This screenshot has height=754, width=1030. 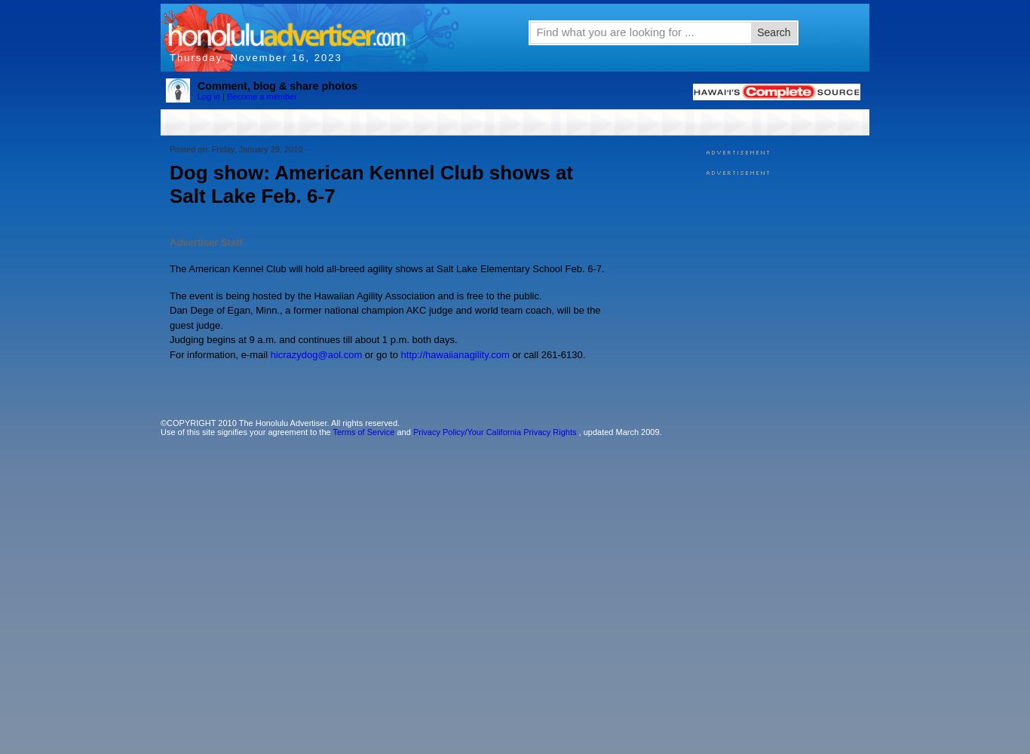 What do you see at coordinates (371, 183) in the screenshot?
I see `'Dog show: American Kennel Club shows at Salt Lake Feb. 6-7'` at bounding box center [371, 183].